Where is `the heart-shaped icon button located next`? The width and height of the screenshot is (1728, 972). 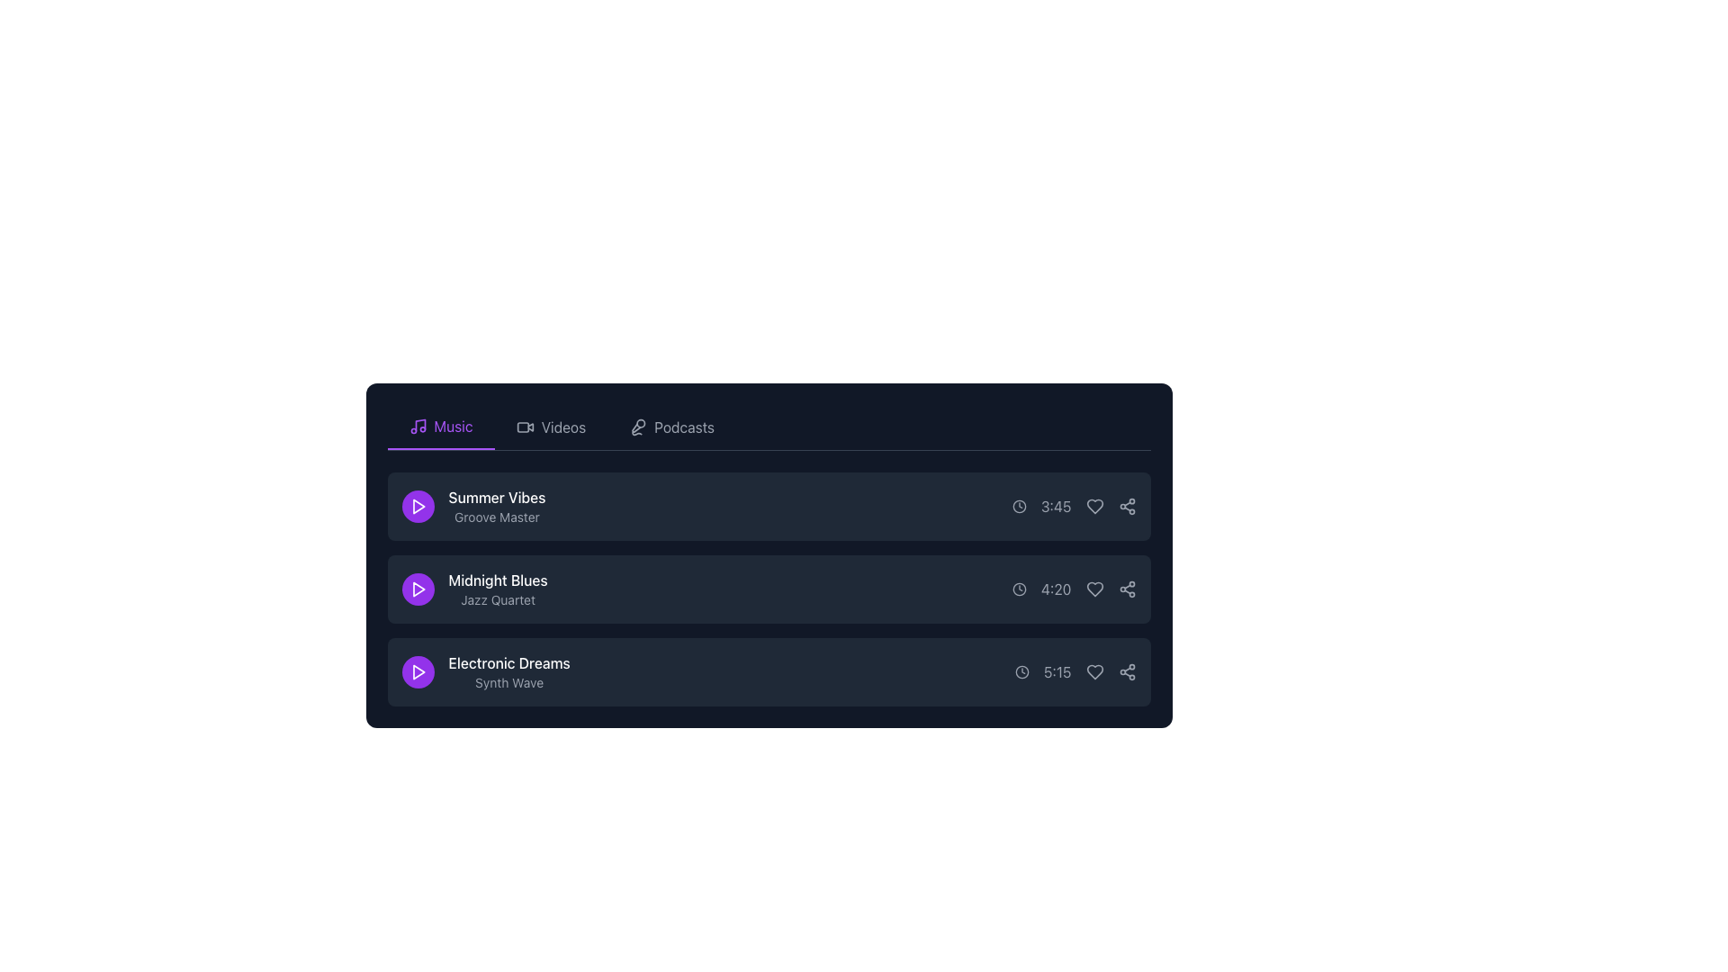 the heart-shaped icon button located next is located at coordinates (1093, 507).